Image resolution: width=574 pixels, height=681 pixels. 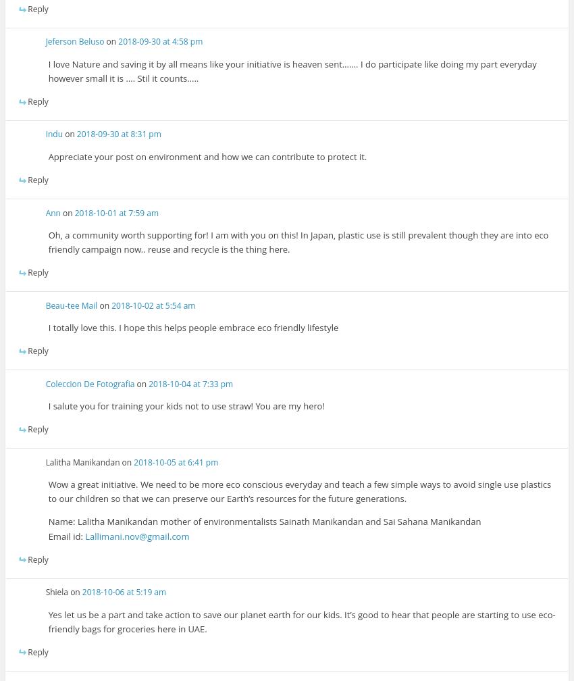 What do you see at coordinates (56, 592) in the screenshot?
I see `'Shiela'` at bounding box center [56, 592].